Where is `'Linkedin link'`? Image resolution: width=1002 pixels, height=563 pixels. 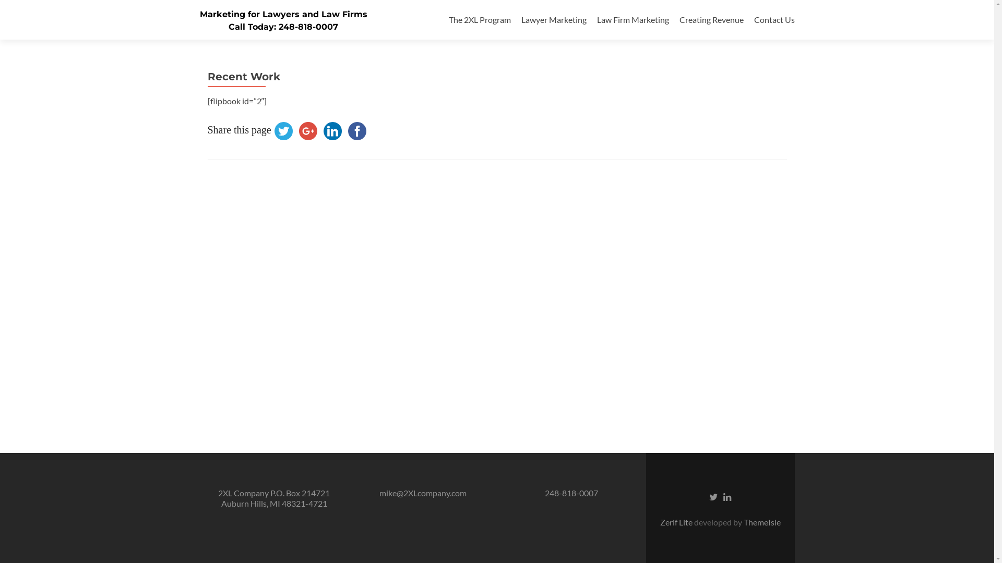
'Linkedin link' is located at coordinates (726, 496).